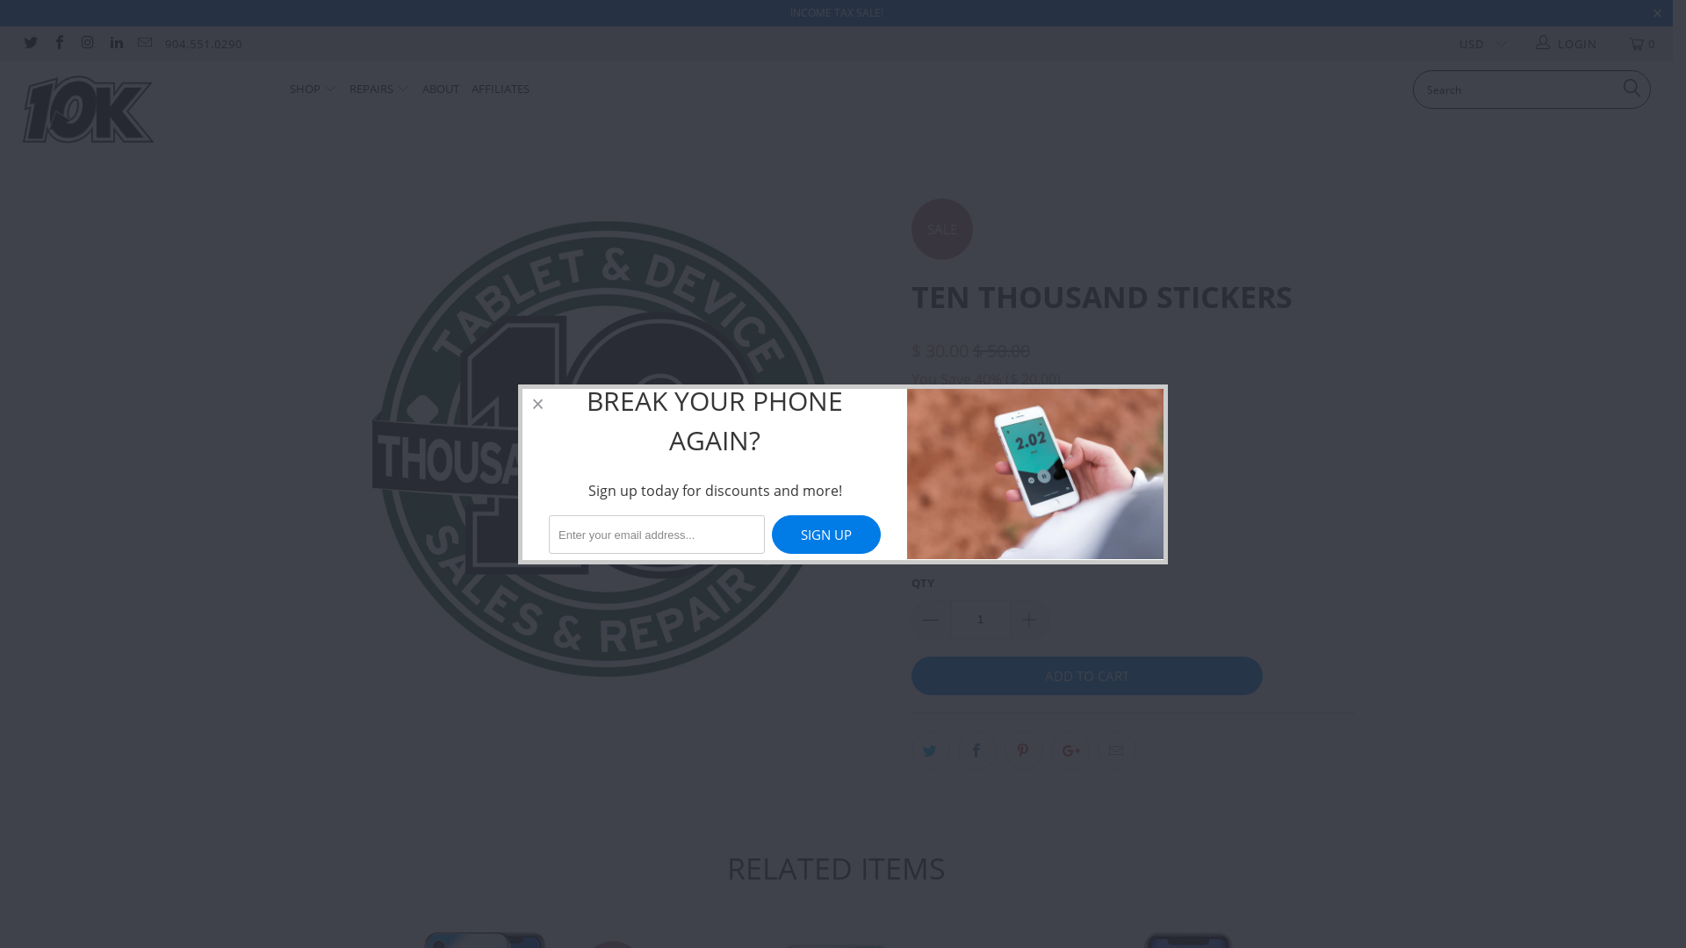  Describe the element at coordinates (421, 90) in the screenshot. I see `'ABOUT'` at that location.